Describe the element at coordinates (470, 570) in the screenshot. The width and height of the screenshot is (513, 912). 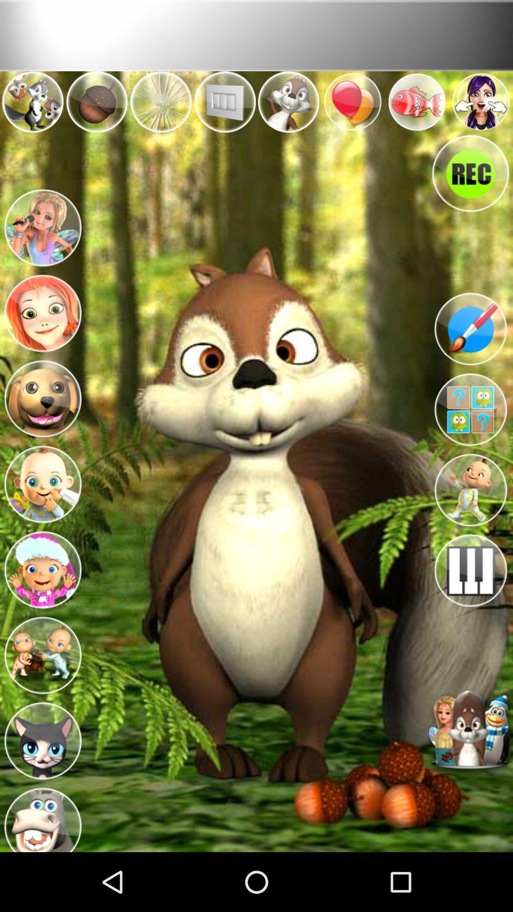
I see `piano` at that location.